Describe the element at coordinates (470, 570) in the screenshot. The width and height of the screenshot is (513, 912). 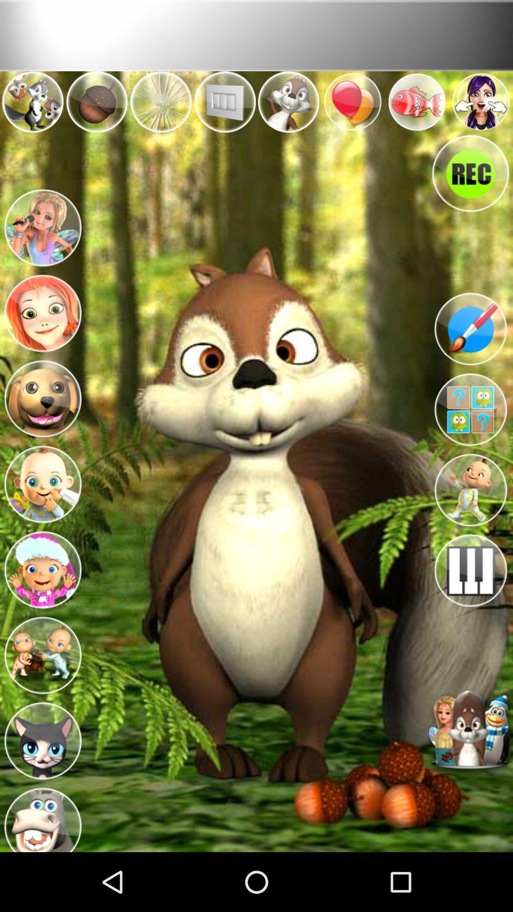
I see `piano` at that location.